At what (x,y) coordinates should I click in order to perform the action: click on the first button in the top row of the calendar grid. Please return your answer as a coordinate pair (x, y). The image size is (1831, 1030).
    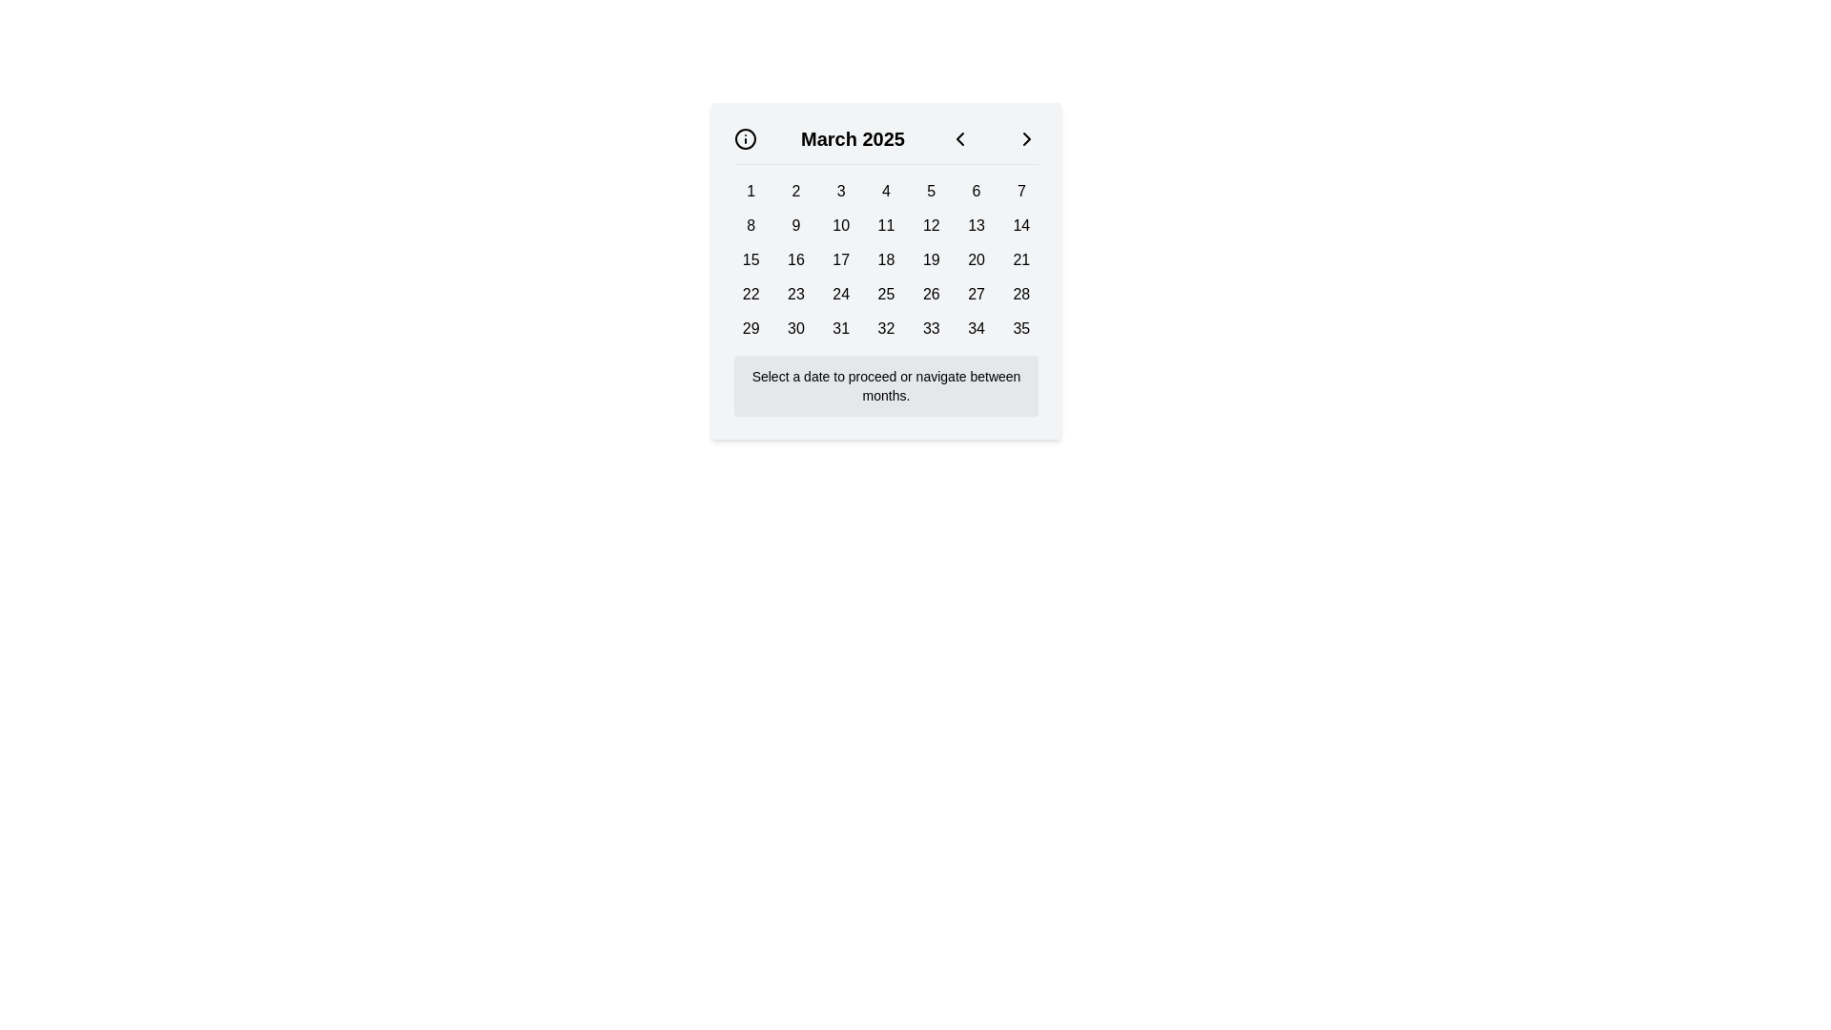
    Looking at the image, I should click on (750, 191).